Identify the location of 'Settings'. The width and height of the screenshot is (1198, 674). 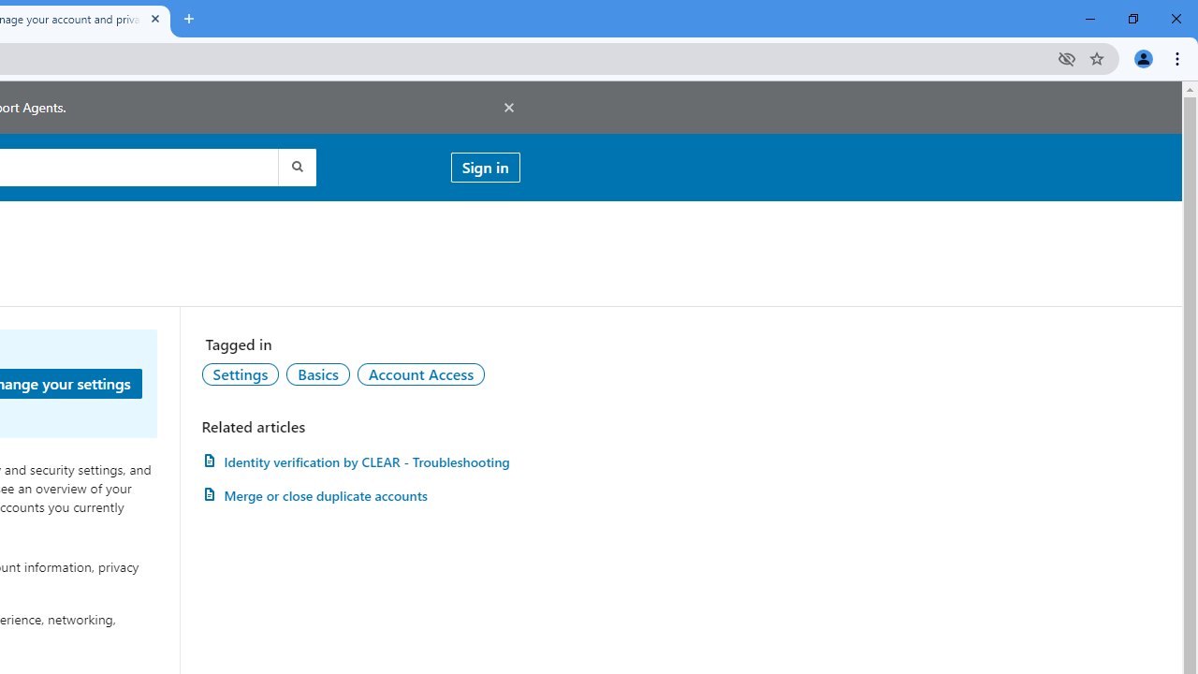
(240, 374).